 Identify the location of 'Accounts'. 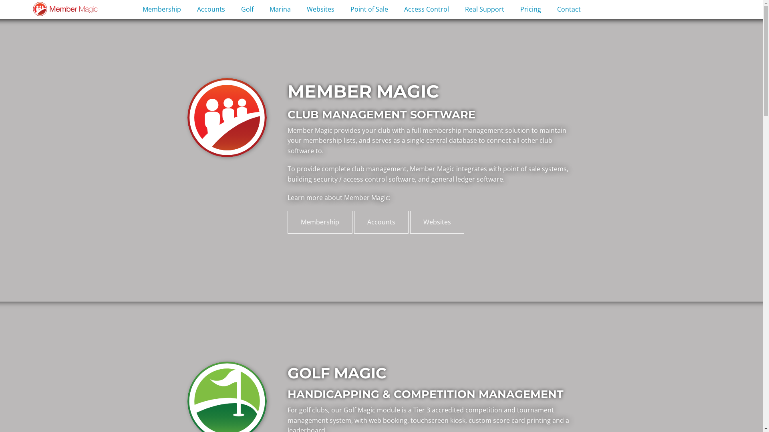
(188, 10).